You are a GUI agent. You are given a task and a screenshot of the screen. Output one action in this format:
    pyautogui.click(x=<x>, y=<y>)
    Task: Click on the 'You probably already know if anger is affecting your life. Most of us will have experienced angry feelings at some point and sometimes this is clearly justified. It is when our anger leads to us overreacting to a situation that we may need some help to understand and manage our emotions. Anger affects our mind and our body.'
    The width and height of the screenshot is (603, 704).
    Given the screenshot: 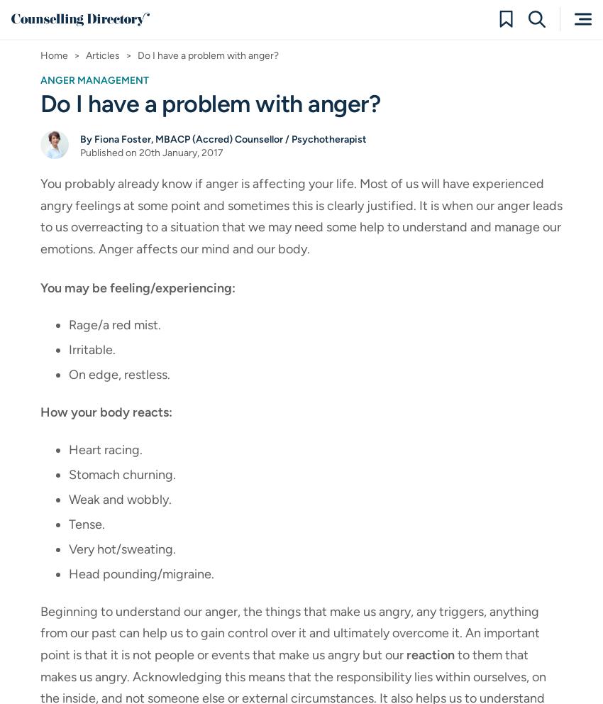 What is the action you would take?
    pyautogui.click(x=40, y=216)
    